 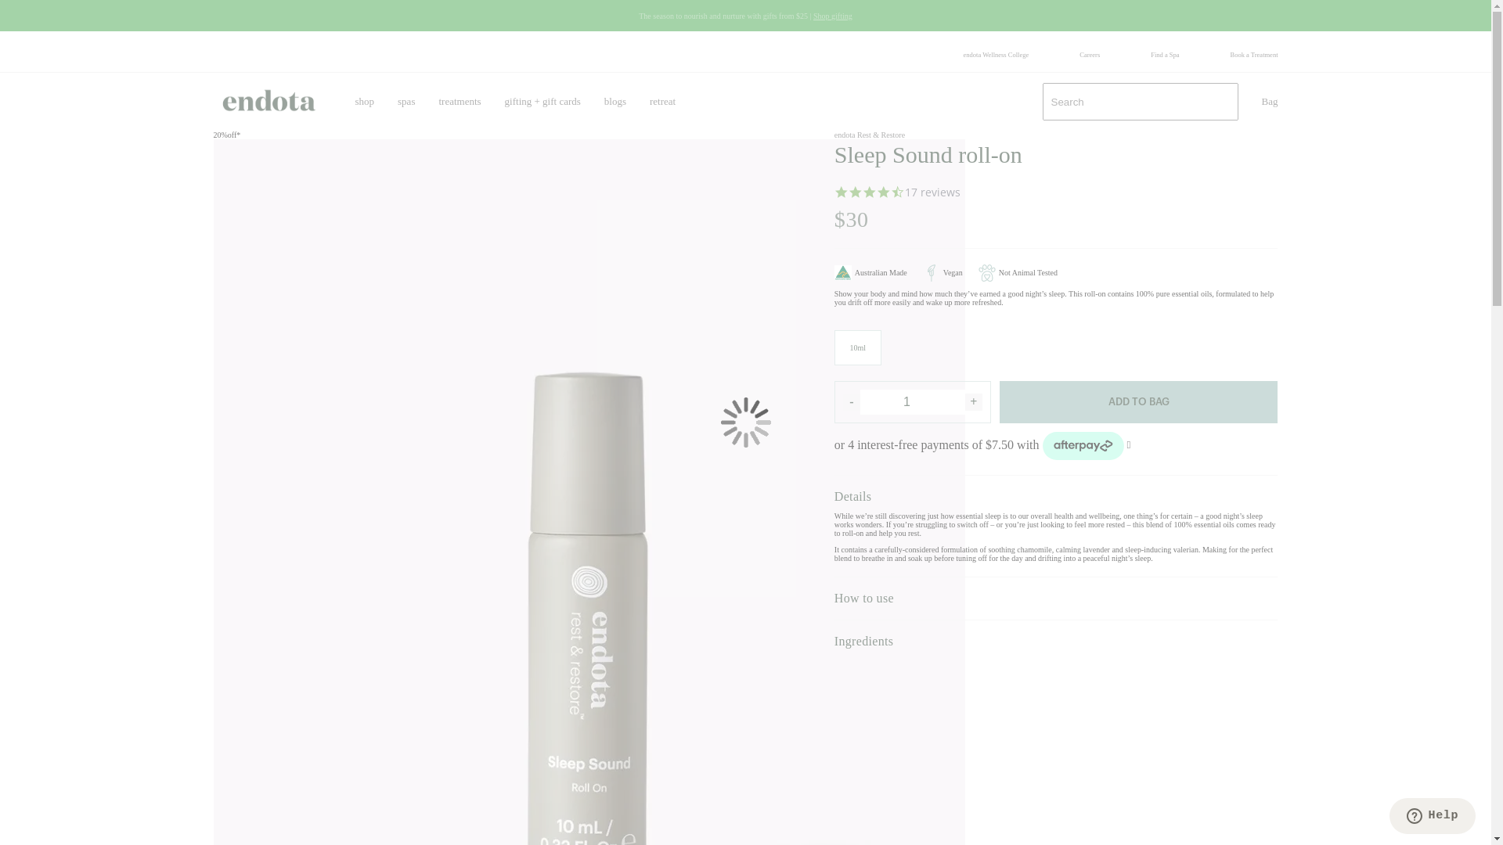 I want to click on 'endota Rest & Restore', so click(x=868, y=134).